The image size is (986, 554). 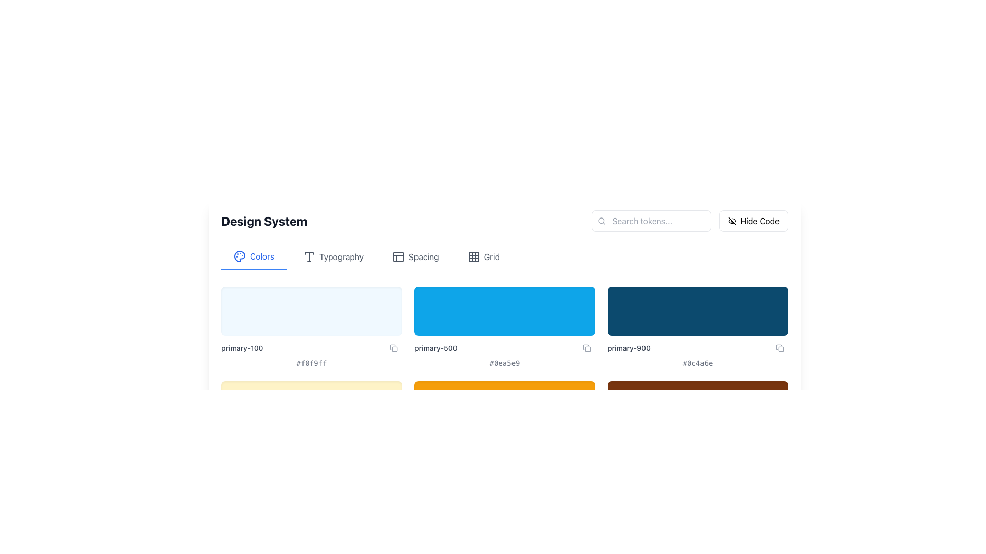 I want to click on the 'Colors' section icon in the design system interface, located in the top-left quadrant near the section header titled 'Design System', so click(x=239, y=256).